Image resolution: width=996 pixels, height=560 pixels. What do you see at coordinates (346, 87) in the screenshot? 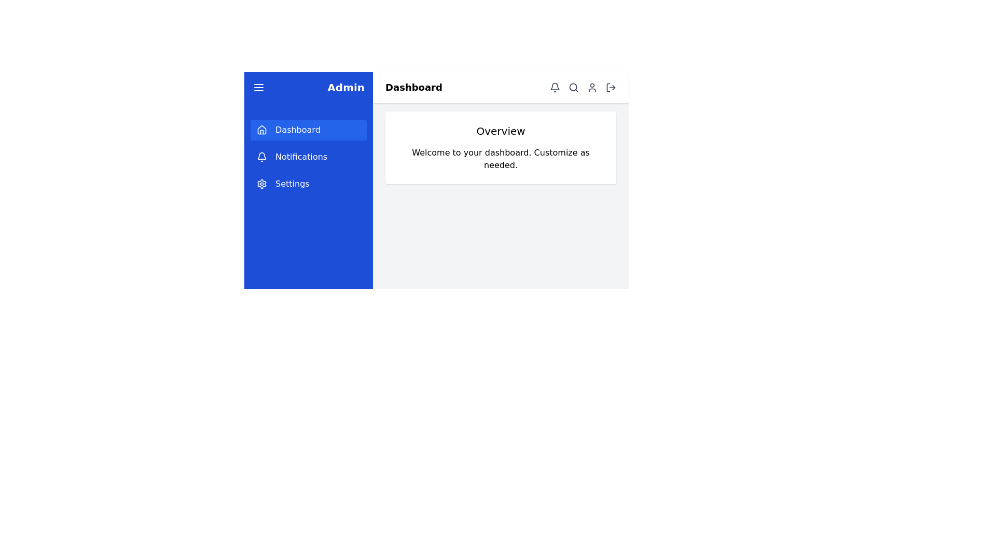
I see `the 'Admin' text label displayed prominently in bold on a blue background, located in the top-left portion of the interface` at bounding box center [346, 87].